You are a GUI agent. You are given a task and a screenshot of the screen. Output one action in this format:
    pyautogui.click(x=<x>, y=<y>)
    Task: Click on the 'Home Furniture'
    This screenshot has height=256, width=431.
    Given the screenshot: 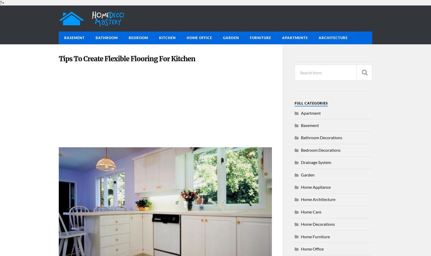 What is the action you would take?
    pyautogui.click(x=315, y=236)
    